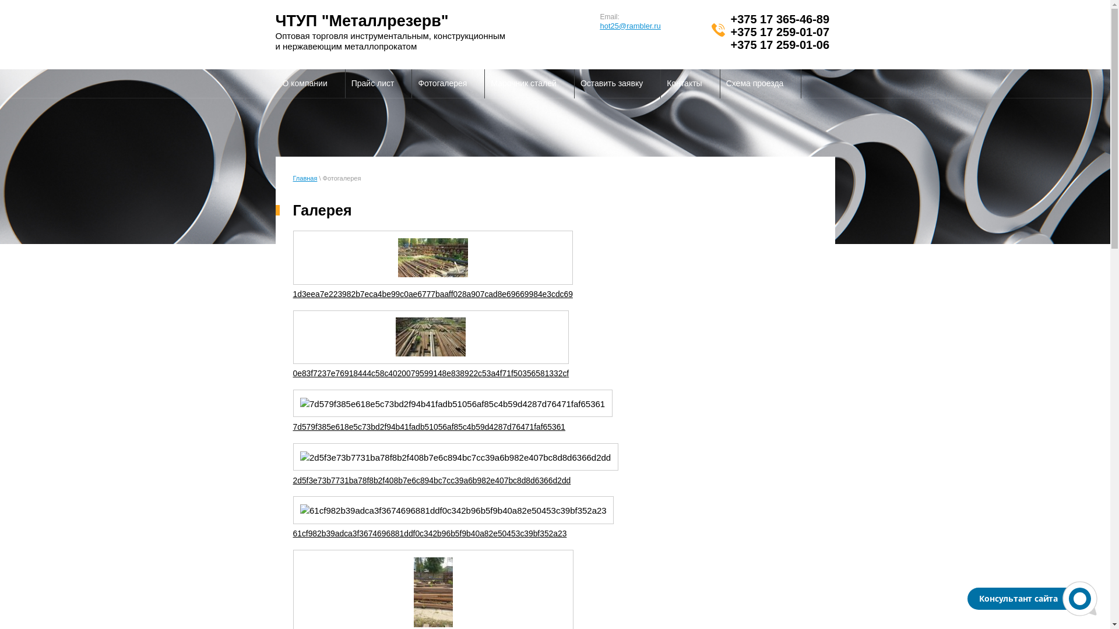  I want to click on '+375 17 365-46-89', so click(780, 19).